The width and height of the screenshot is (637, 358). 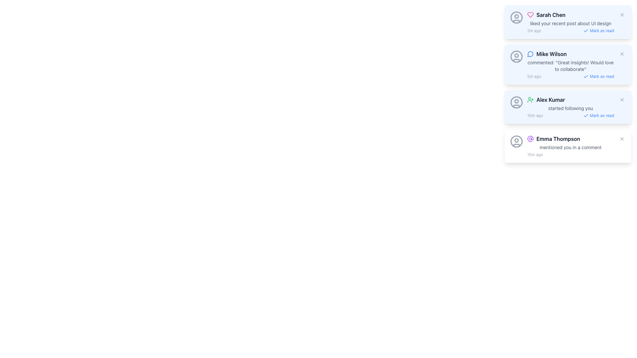 I want to click on the associated person, so click(x=551, y=15).